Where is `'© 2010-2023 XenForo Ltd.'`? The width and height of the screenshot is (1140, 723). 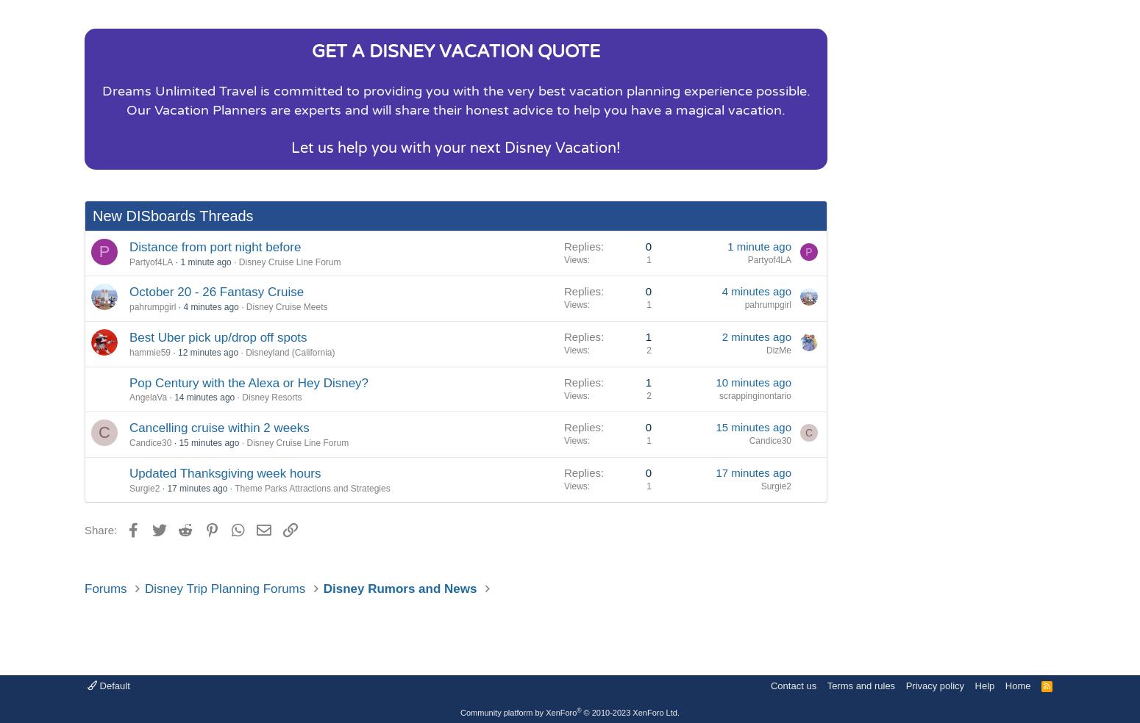
'© 2010-2023 XenForo Ltd.' is located at coordinates (630, 713).